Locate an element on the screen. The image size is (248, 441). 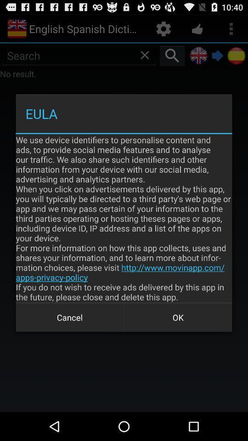
cancel item is located at coordinates (69, 317).